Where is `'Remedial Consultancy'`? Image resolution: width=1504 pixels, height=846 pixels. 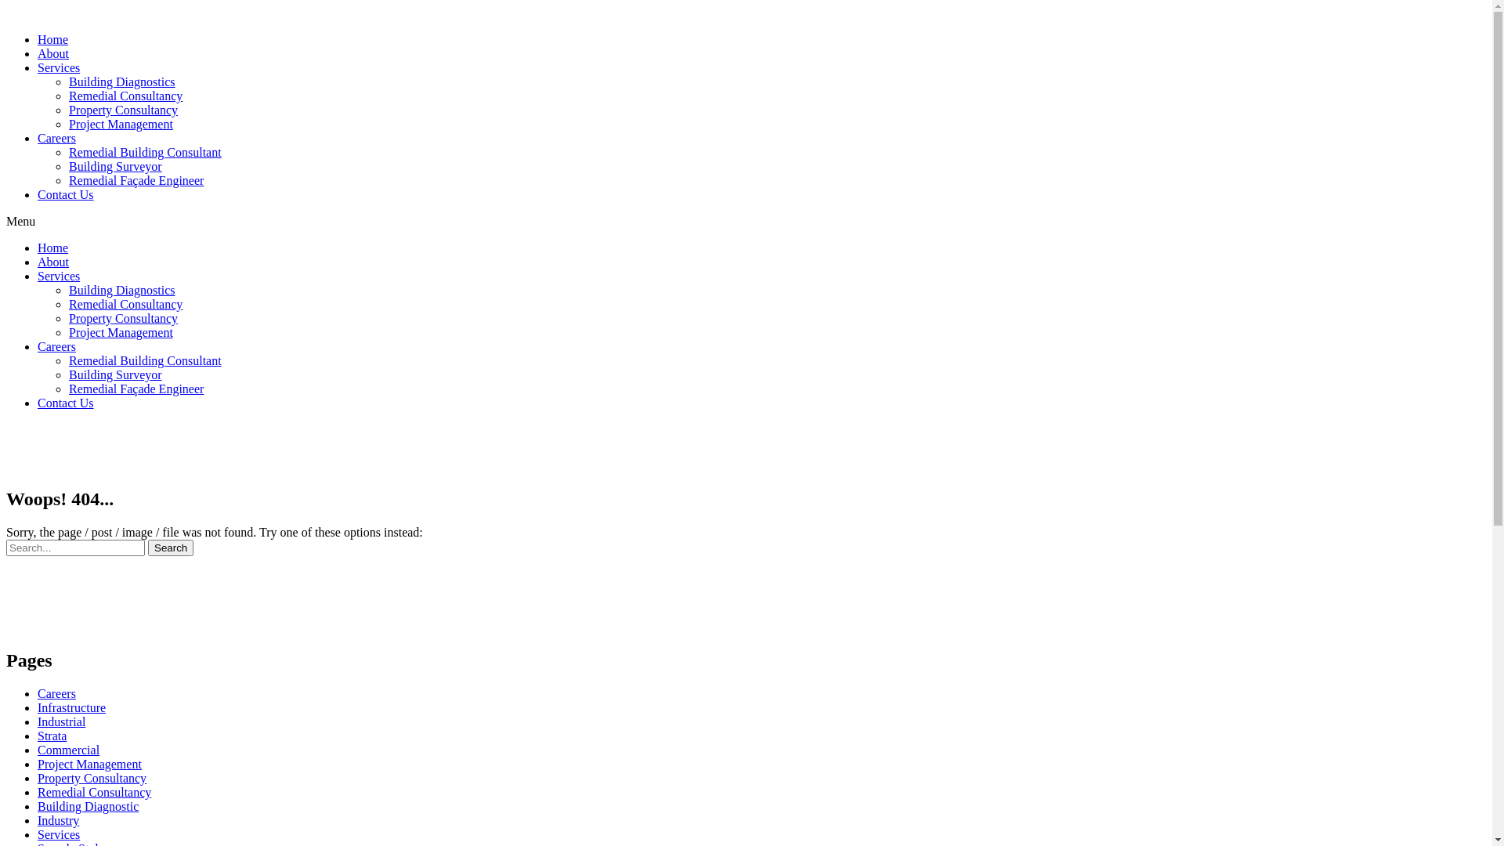
'Remedial Consultancy' is located at coordinates (125, 304).